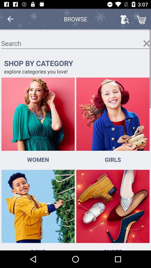 The image size is (151, 268). What do you see at coordinates (75, 43) in the screenshot?
I see `search` at bounding box center [75, 43].